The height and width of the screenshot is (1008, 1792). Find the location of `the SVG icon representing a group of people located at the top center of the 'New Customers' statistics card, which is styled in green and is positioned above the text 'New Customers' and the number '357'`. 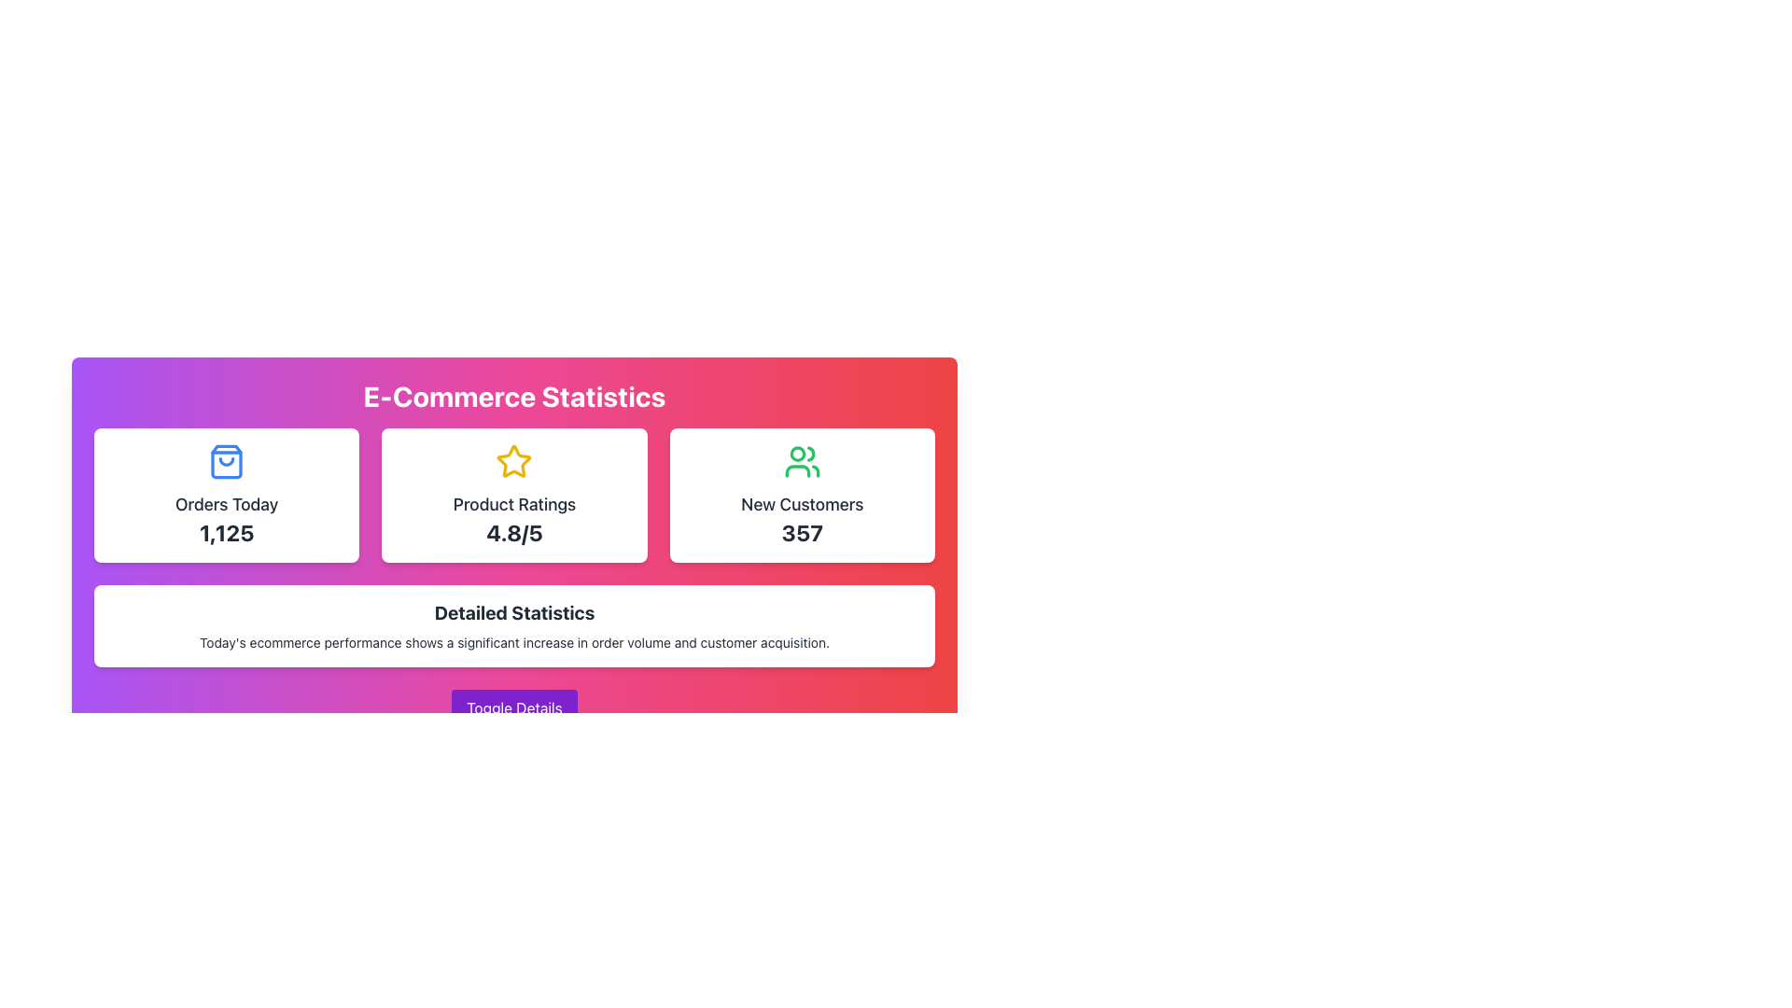

the SVG icon representing a group of people located at the top center of the 'New Customers' statistics card, which is styled in green and is positioned above the text 'New Customers' and the number '357' is located at coordinates (802, 461).